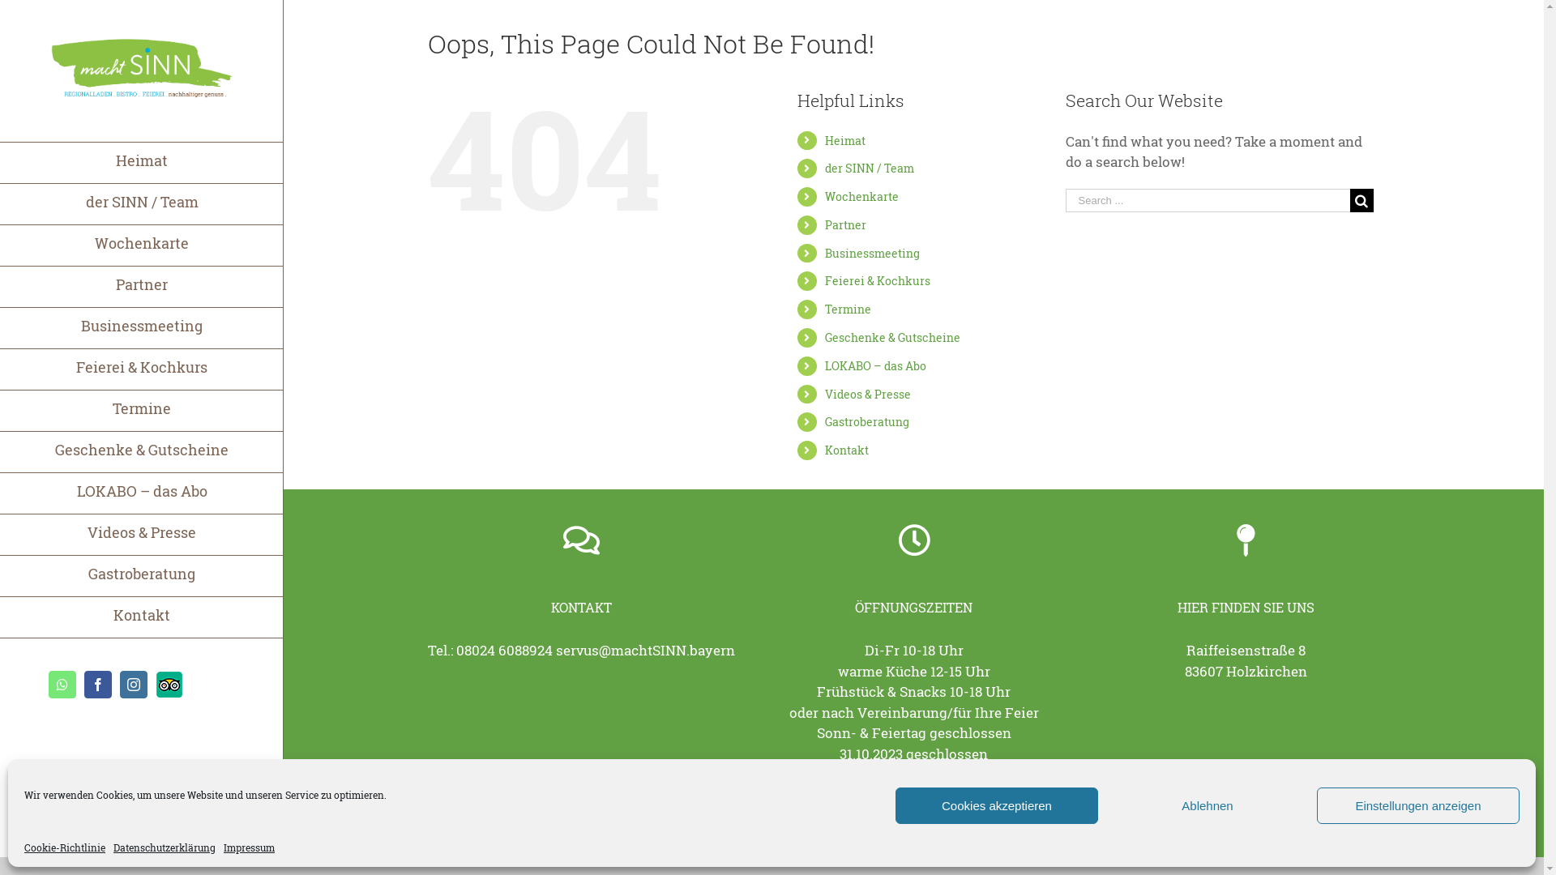 This screenshot has width=1556, height=875. What do you see at coordinates (48, 684) in the screenshot?
I see `'Whatsapp'` at bounding box center [48, 684].